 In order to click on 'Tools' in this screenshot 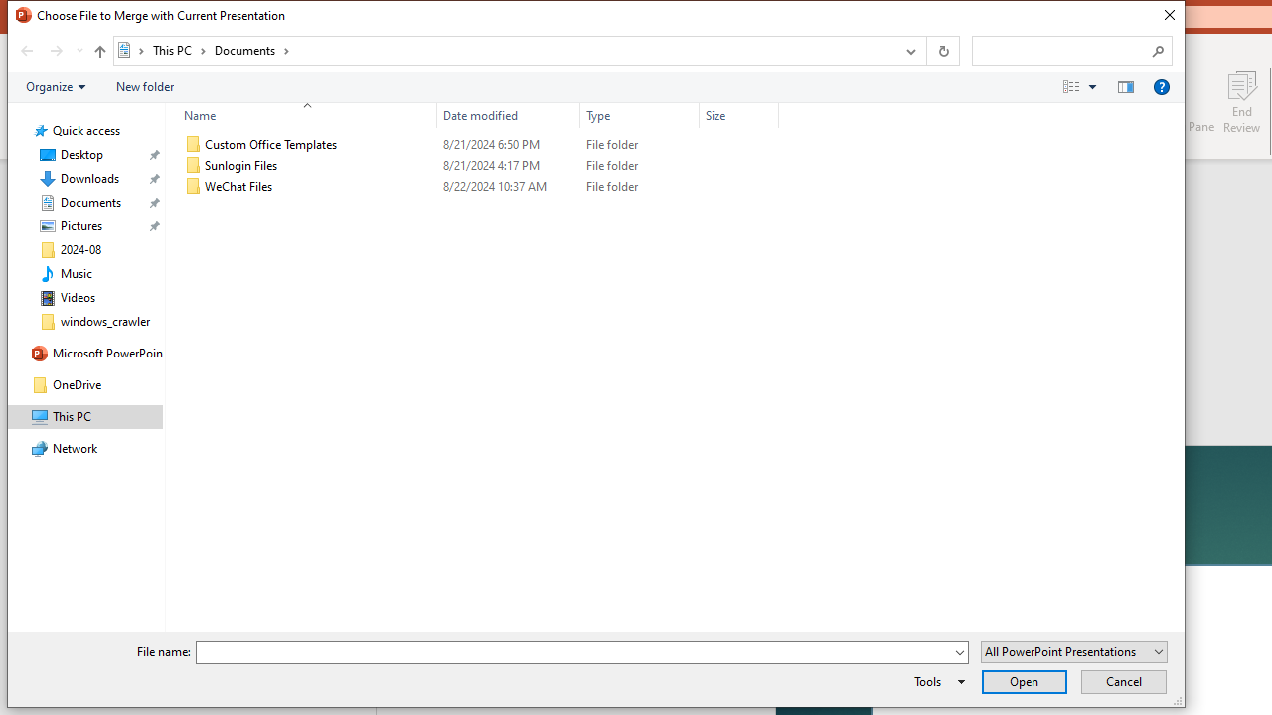, I will do `click(935, 680)`.